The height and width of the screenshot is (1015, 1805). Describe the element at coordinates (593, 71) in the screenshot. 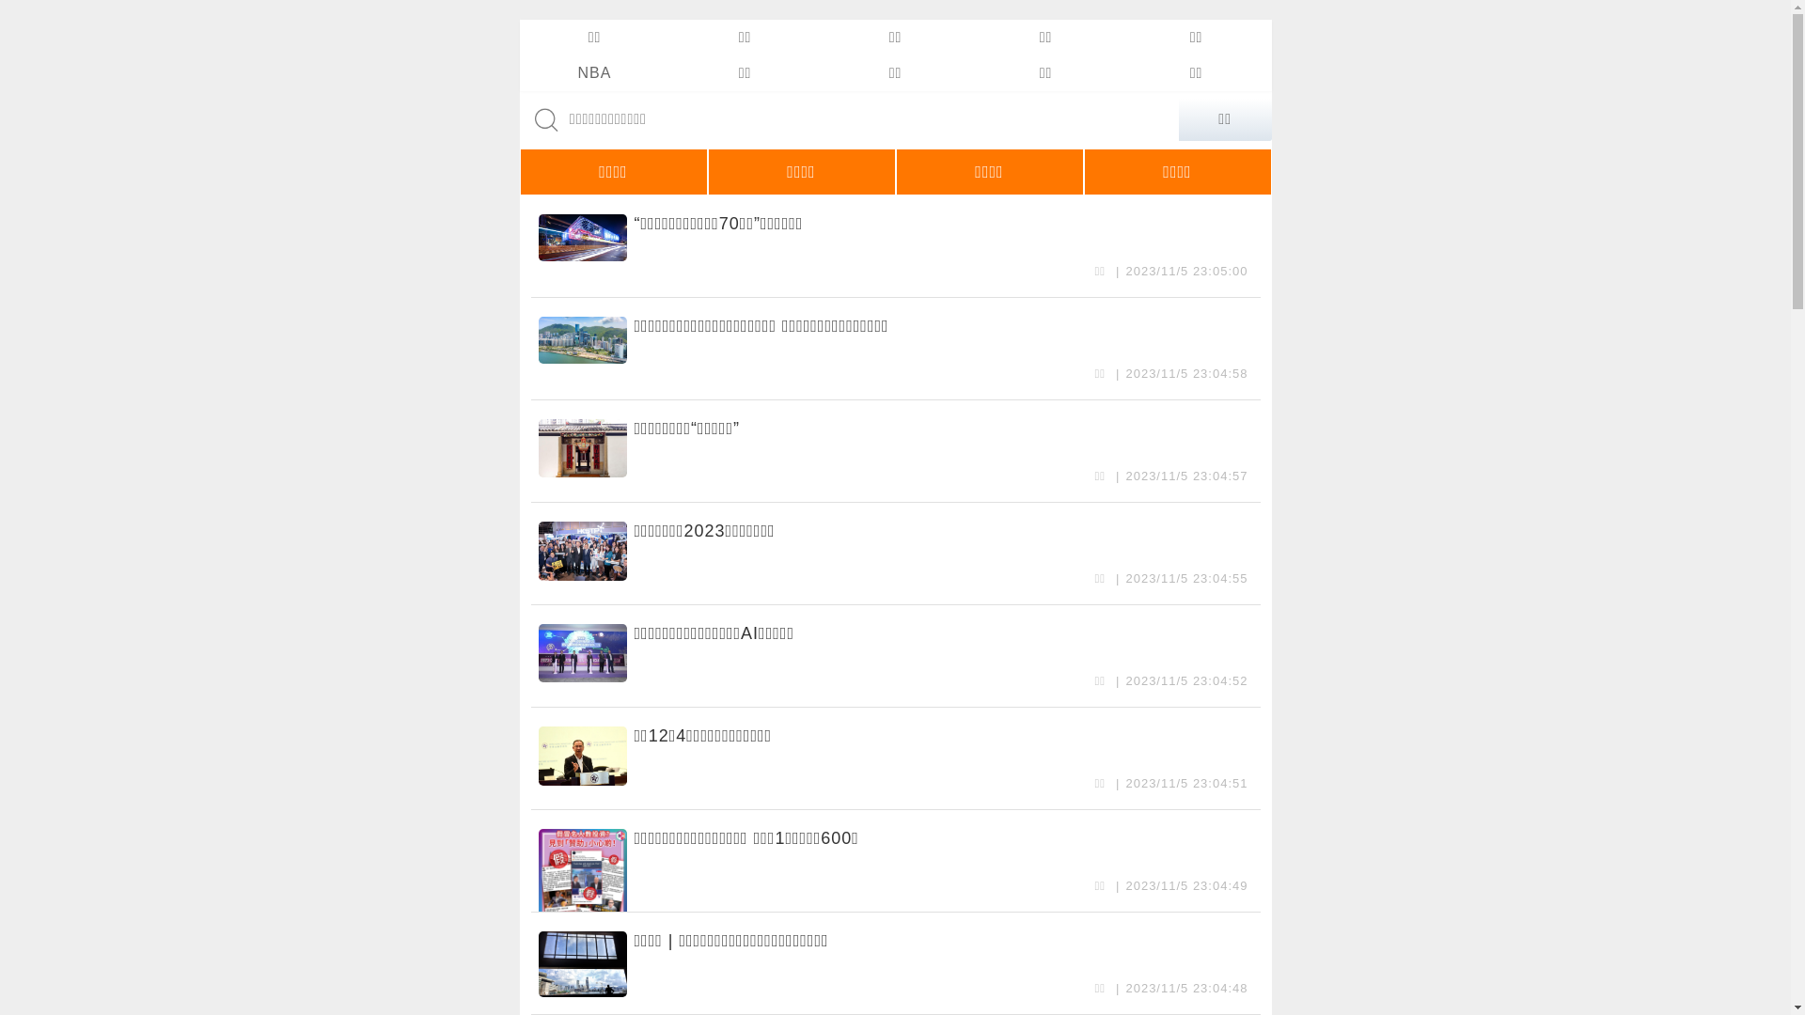

I see `'NBA'` at that location.